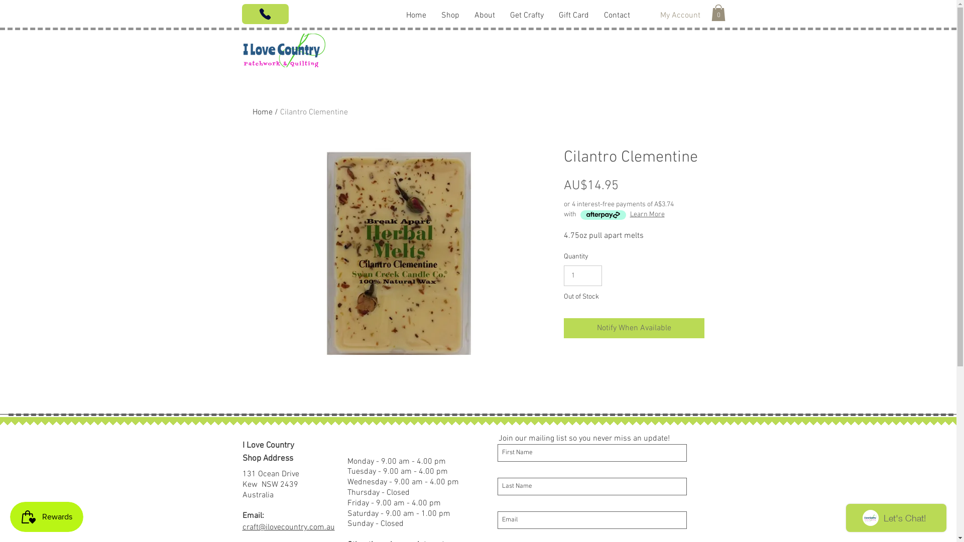  Describe the element at coordinates (647, 214) in the screenshot. I see `'Learn More'` at that location.